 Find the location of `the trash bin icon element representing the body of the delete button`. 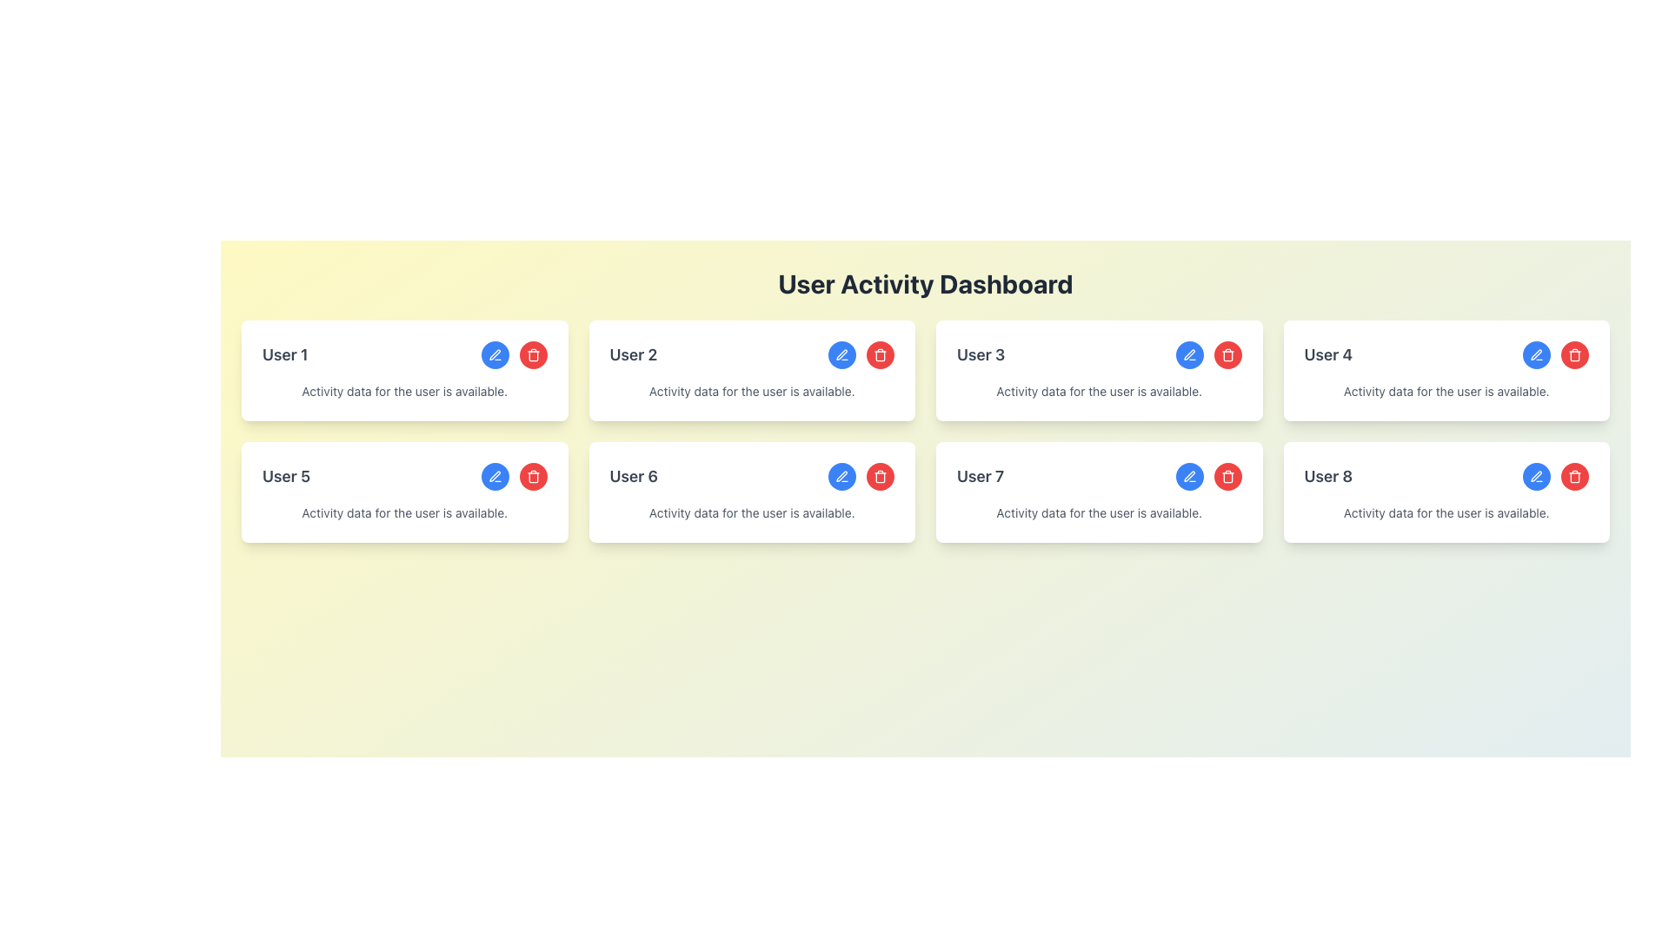

the trash bin icon element representing the body of the delete button is located at coordinates (532, 478).